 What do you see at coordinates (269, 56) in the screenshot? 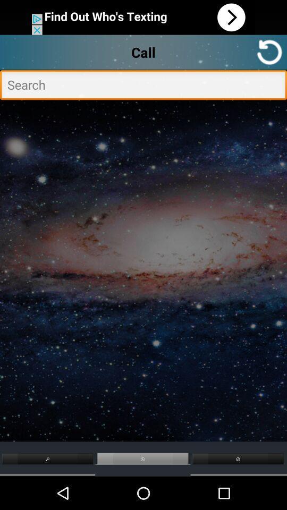
I see `the refresh icon` at bounding box center [269, 56].